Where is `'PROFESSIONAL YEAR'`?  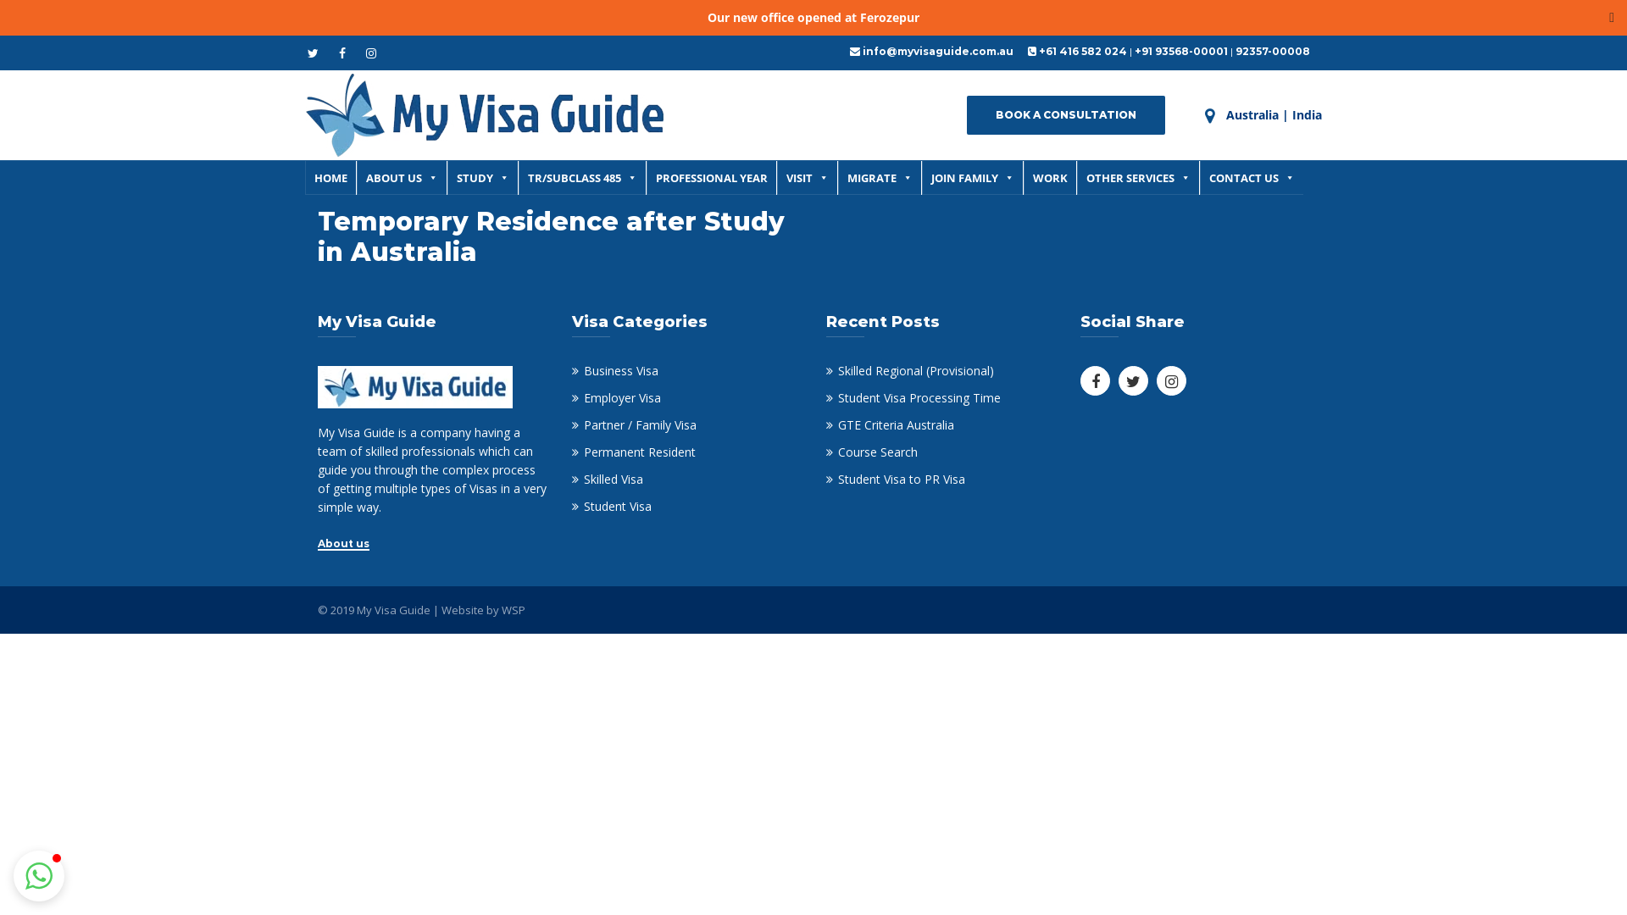 'PROFESSIONAL YEAR' is located at coordinates (711, 177).